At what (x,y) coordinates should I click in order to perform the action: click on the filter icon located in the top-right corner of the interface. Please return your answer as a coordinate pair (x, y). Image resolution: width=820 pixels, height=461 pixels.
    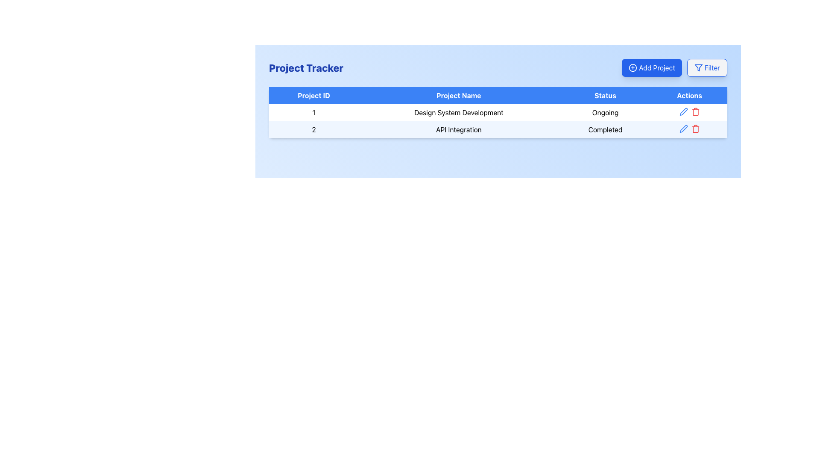
    Looking at the image, I should click on (698, 67).